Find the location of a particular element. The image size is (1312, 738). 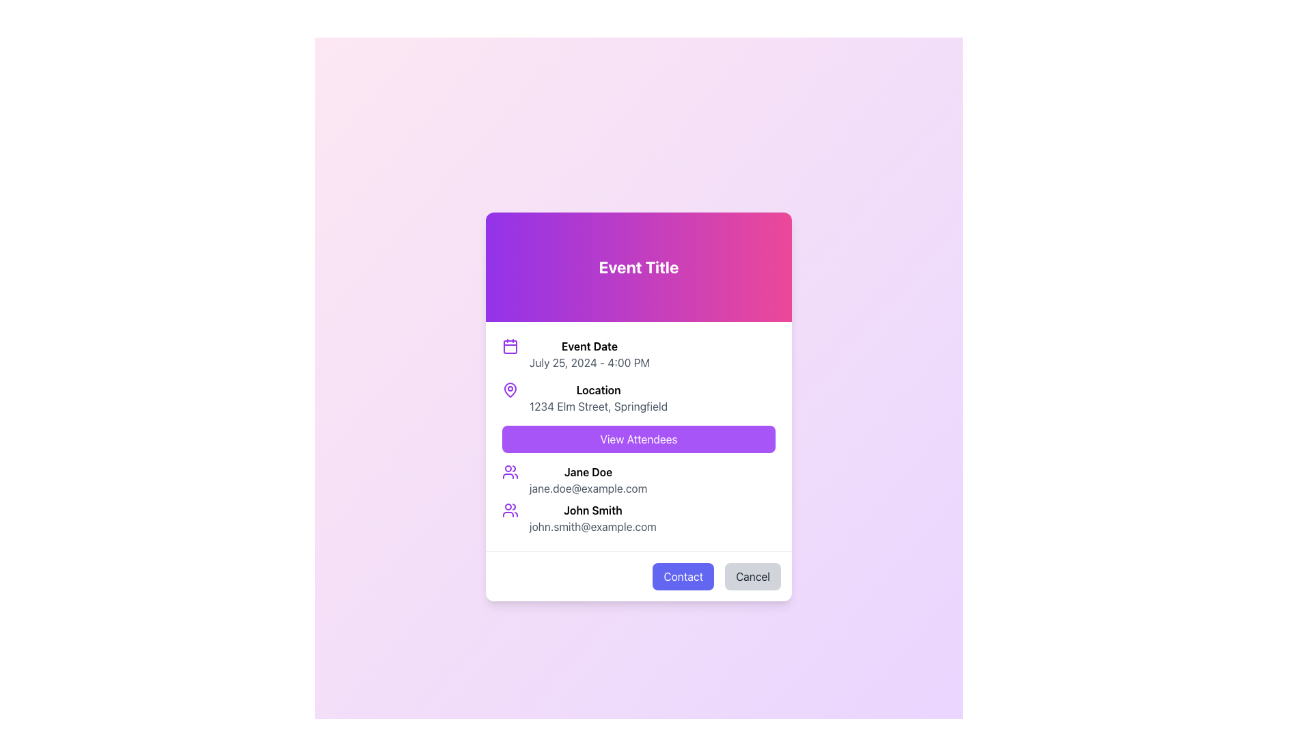

location details from the text block containing the bold 'Location' label and the address '1234 Elm Street, Springfield', which is positioned in the card interface under 'Event Title' is located at coordinates (599, 398).